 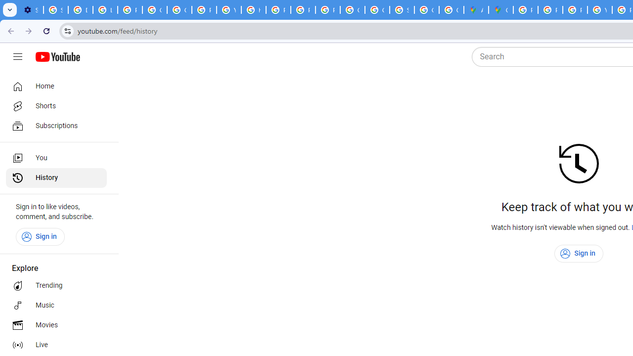 I want to click on 'History', so click(x=55, y=178).